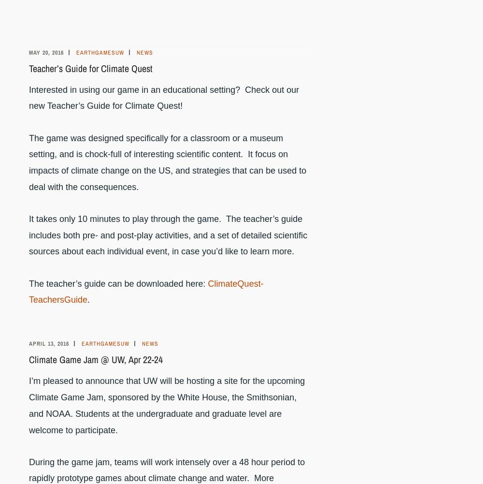 The width and height of the screenshot is (483, 484). Describe the element at coordinates (118, 283) in the screenshot. I see `'The teacher’s guide can be downloaded here:'` at that location.